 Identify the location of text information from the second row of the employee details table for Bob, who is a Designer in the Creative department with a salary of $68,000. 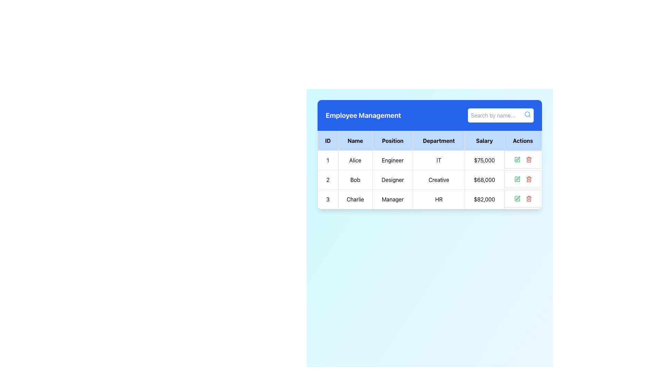
(429, 179).